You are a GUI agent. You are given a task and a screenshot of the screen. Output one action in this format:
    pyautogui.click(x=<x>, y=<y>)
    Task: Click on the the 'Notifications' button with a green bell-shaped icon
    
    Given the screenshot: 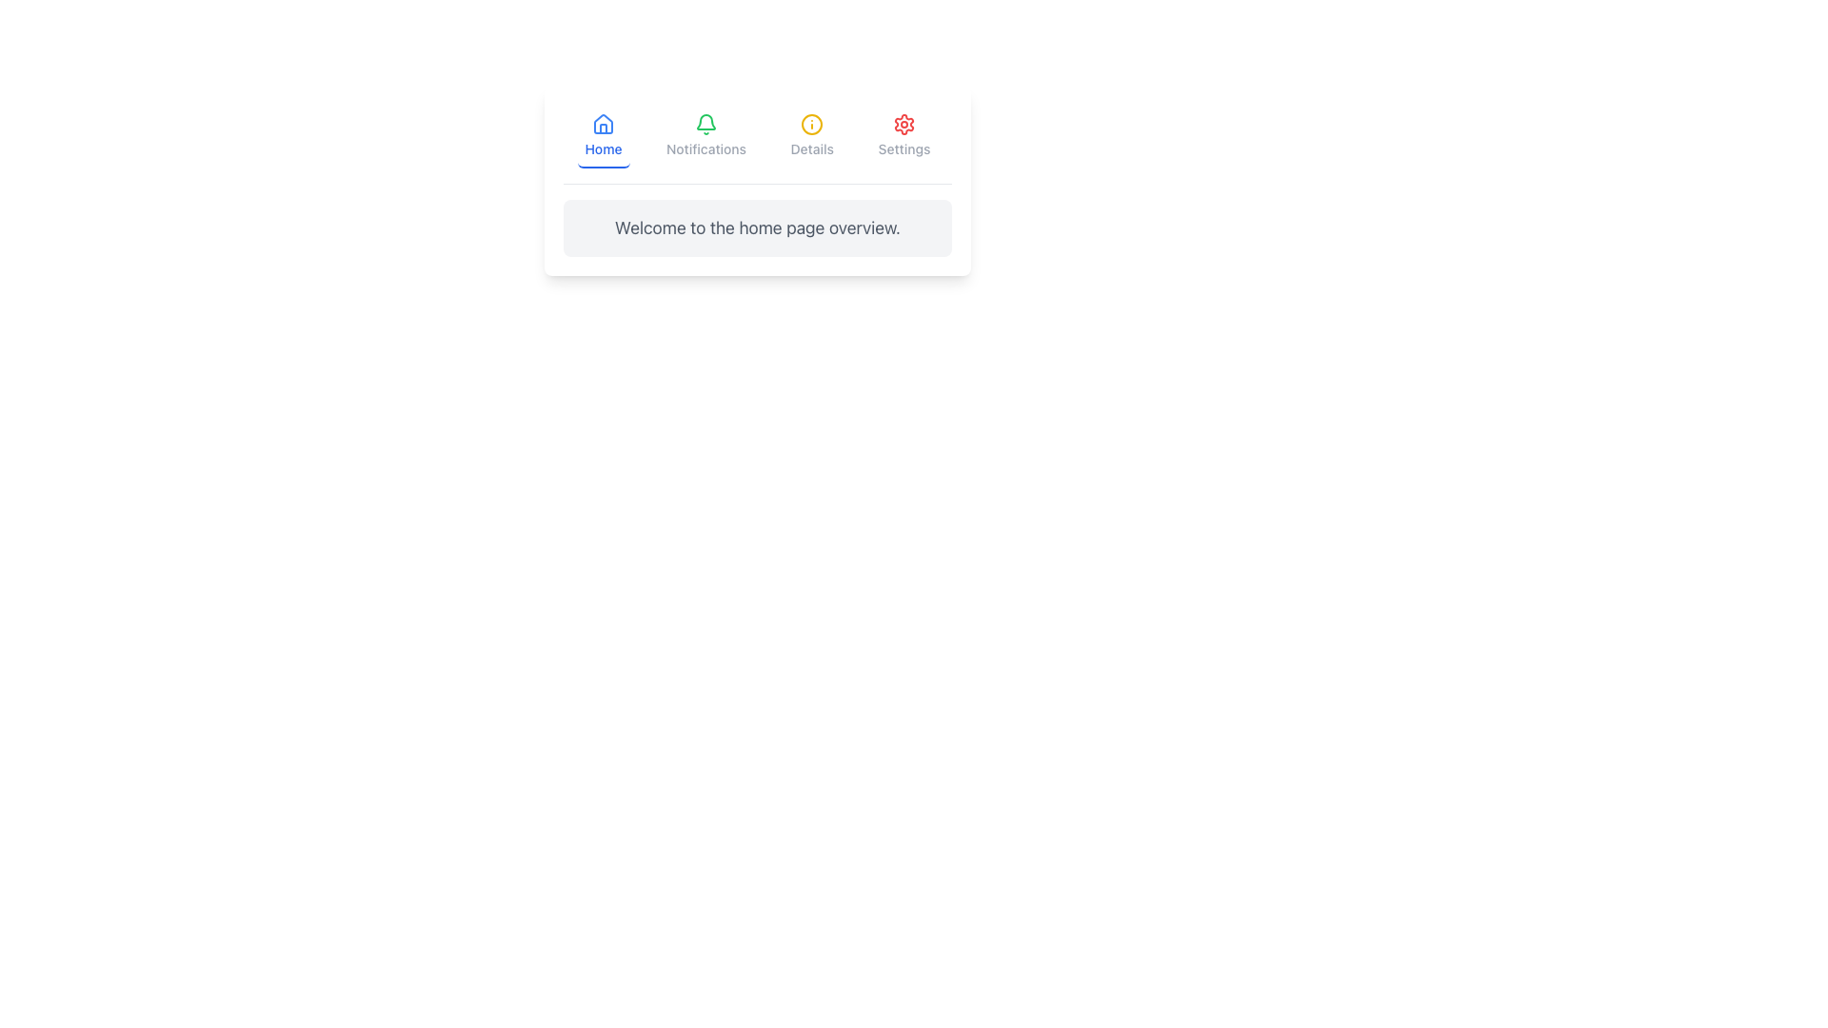 What is the action you would take?
    pyautogui.click(x=705, y=135)
    